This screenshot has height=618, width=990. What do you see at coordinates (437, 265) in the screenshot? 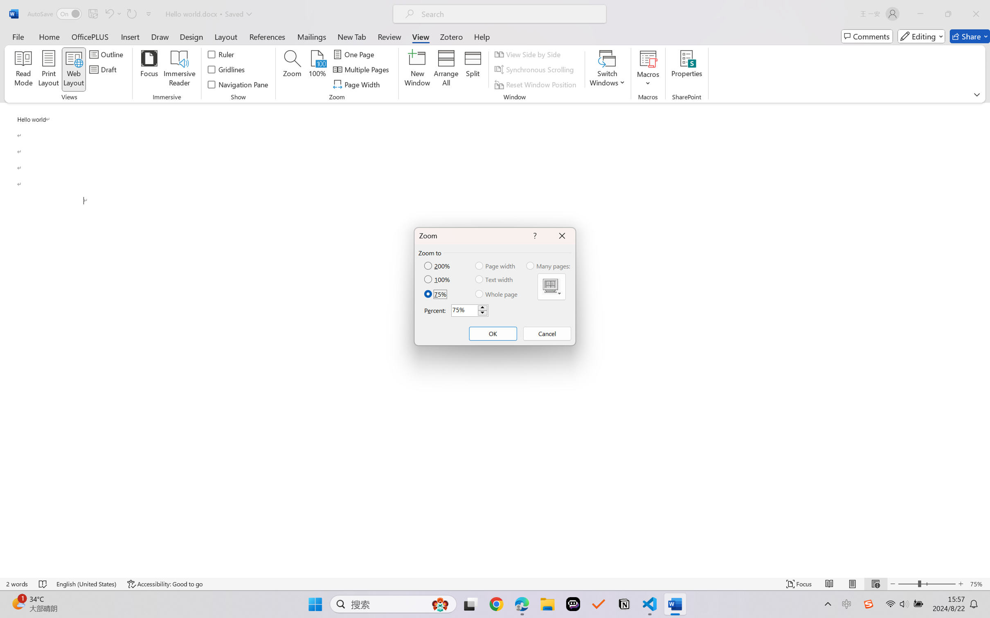
I see `'200%'` at bounding box center [437, 265].